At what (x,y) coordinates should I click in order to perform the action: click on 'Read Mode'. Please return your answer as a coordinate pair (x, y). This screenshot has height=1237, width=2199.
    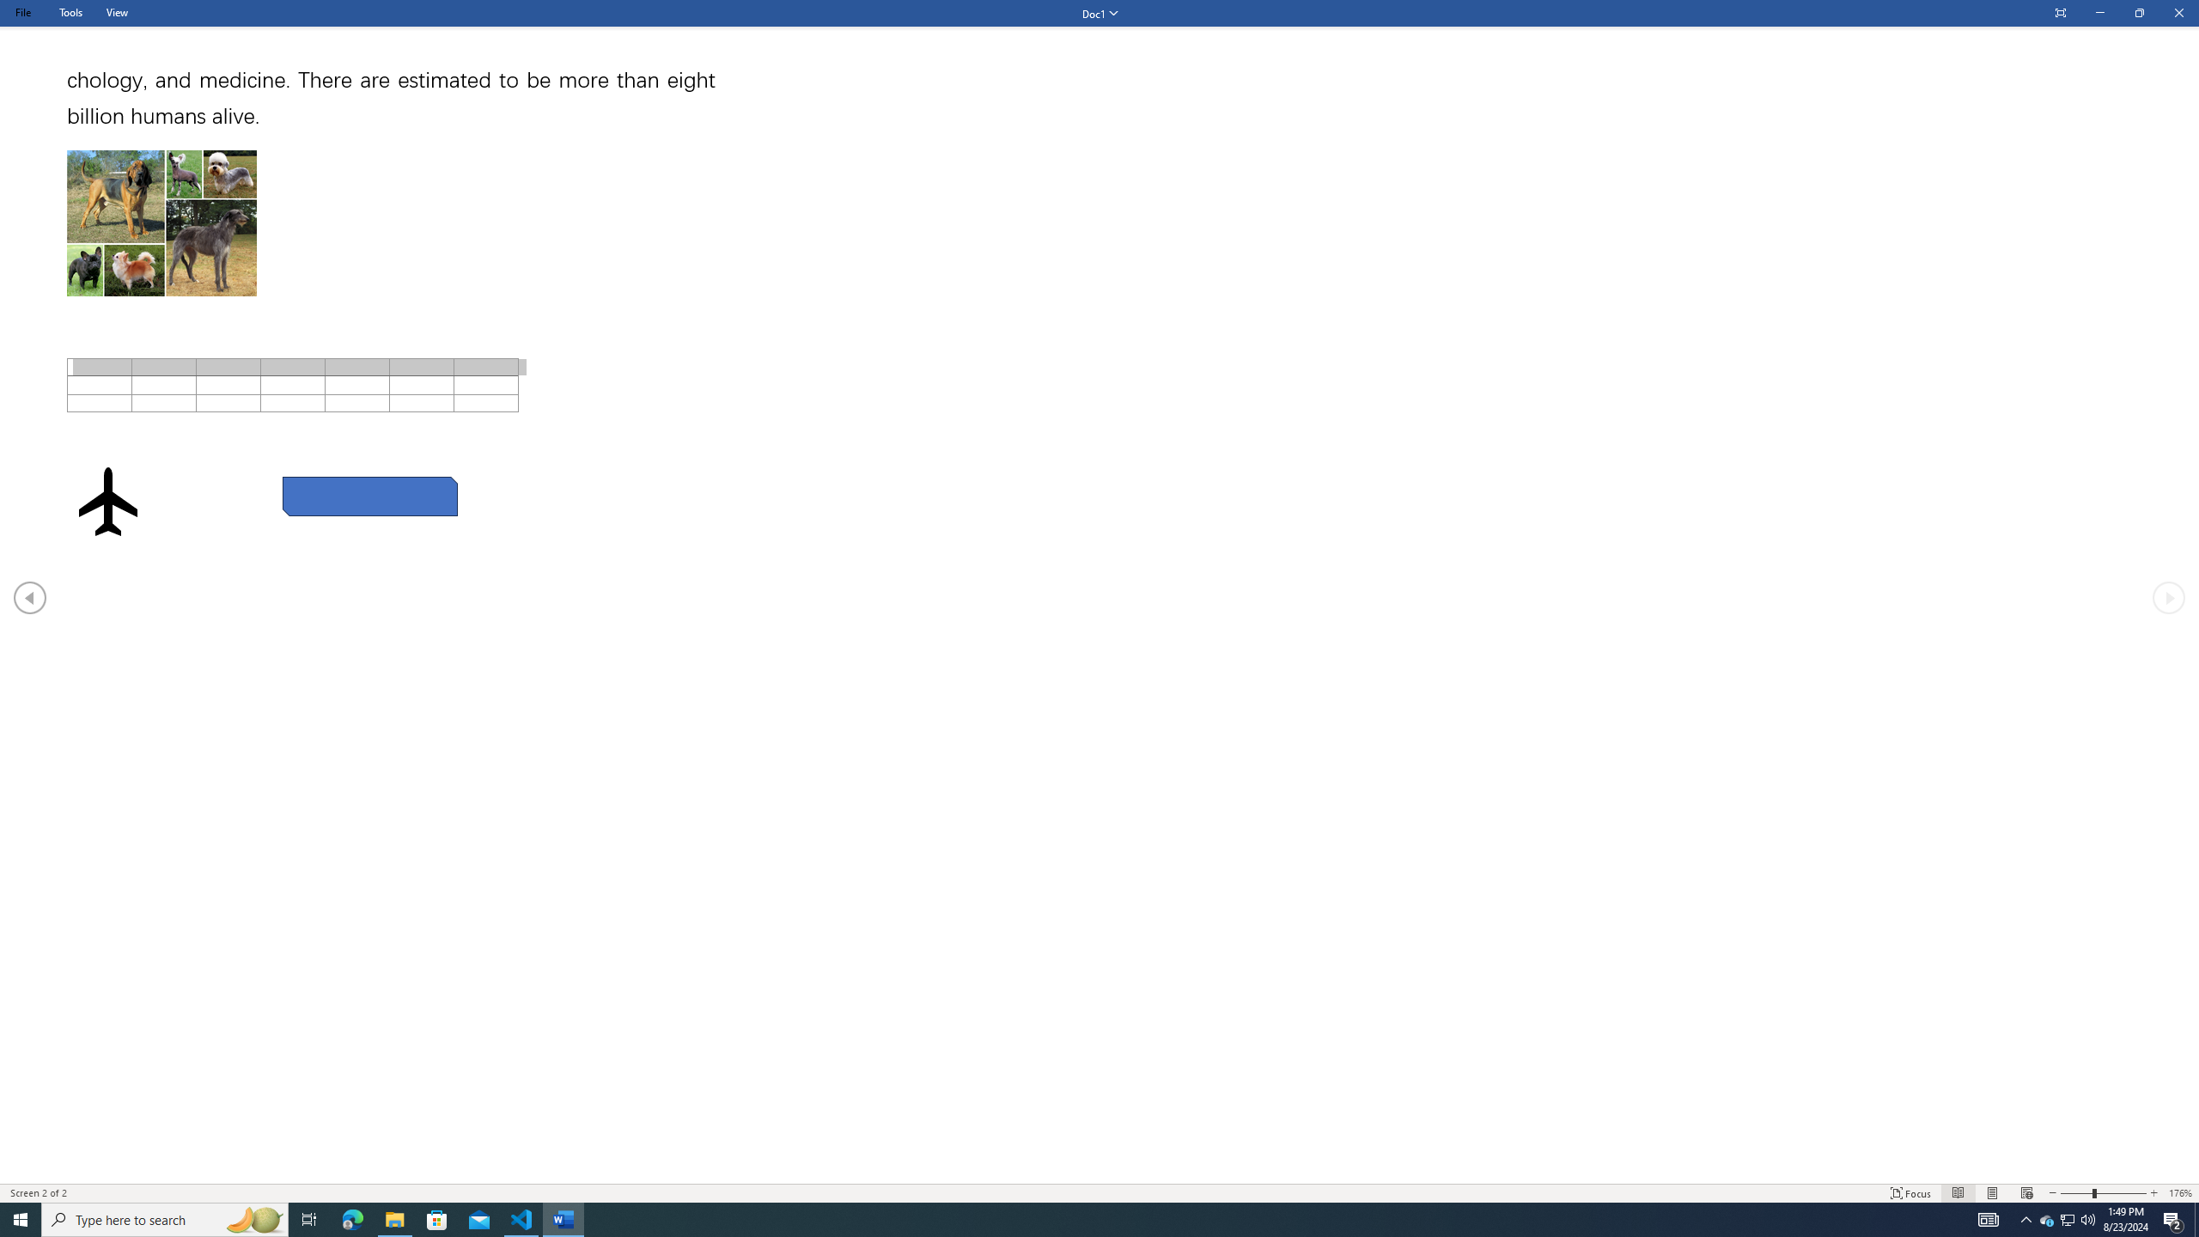
    Looking at the image, I should click on (1957, 1193).